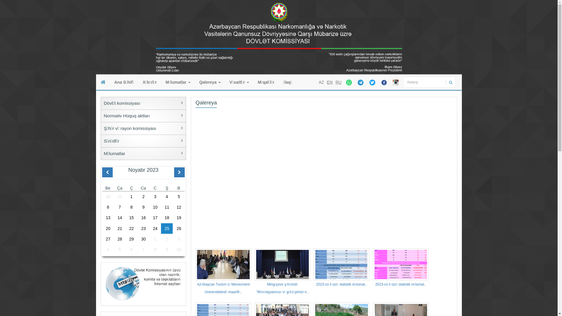  Describe the element at coordinates (178, 207) in the screenshot. I see `'12'` at that location.